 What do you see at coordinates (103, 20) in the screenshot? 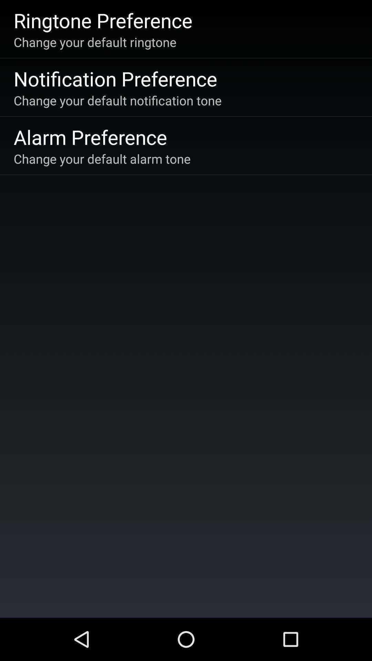
I see `ringtone preference item` at bounding box center [103, 20].